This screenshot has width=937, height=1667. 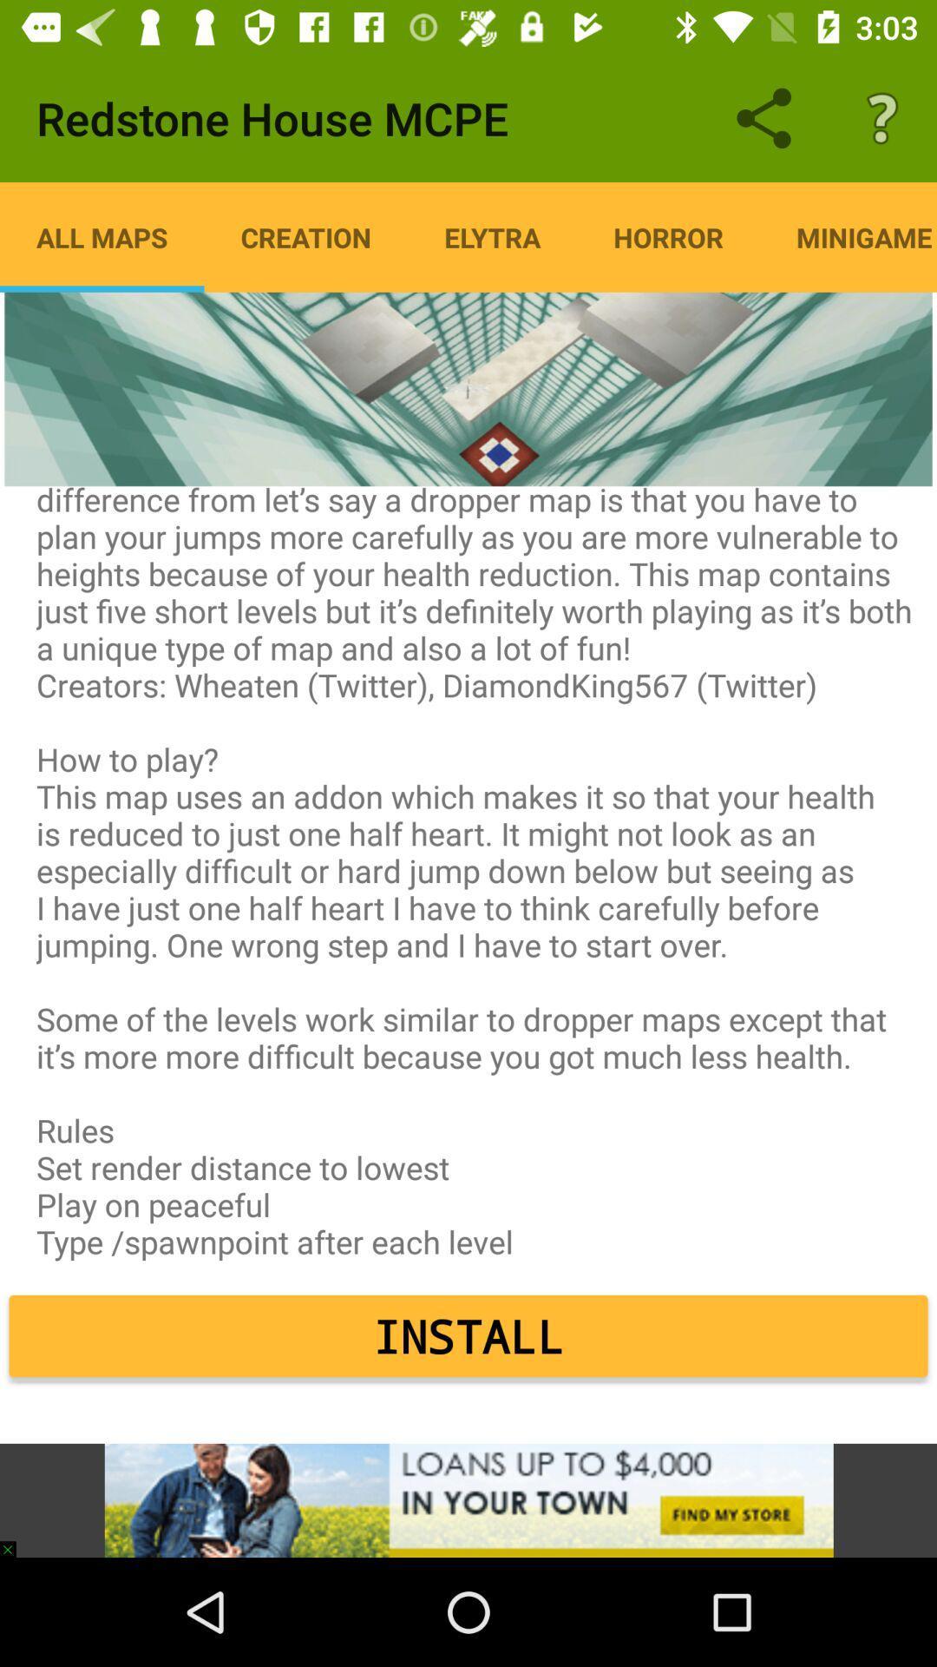 What do you see at coordinates (882, 117) in the screenshot?
I see `item above minigame app` at bounding box center [882, 117].